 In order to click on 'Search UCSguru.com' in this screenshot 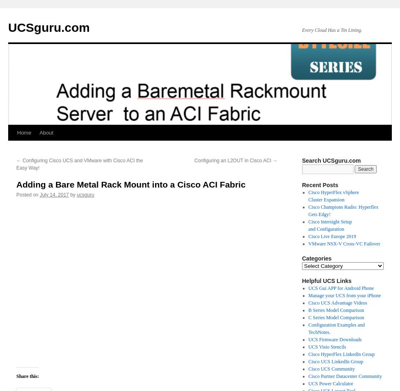, I will do `click(331, 160)`.